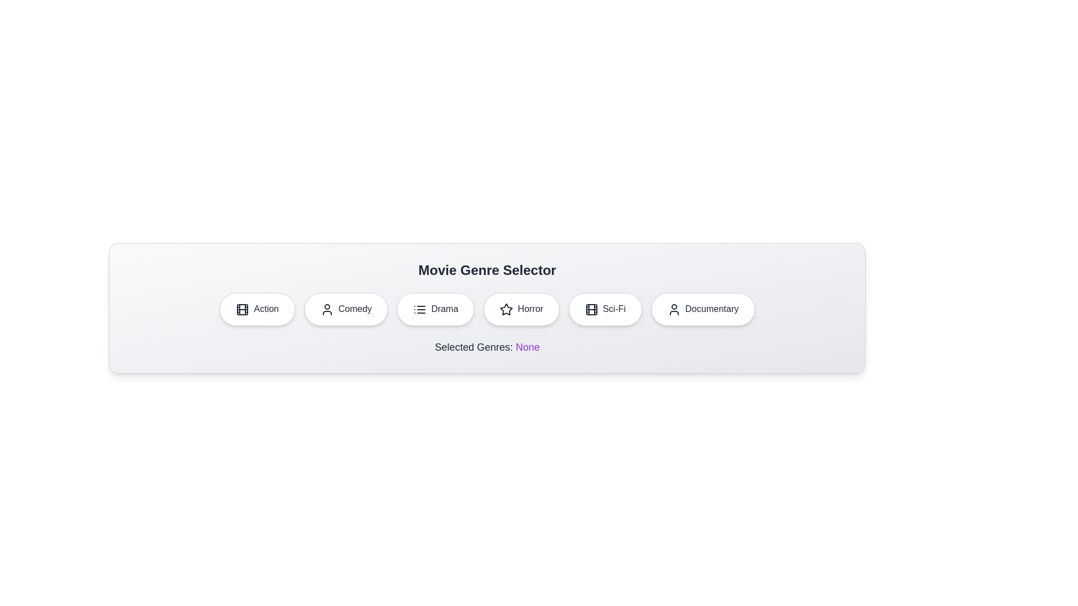  Describe the element at coordinates (435, 309) in the screenshot. I see `the 'Drama' genre button, which is the third button` at that location.